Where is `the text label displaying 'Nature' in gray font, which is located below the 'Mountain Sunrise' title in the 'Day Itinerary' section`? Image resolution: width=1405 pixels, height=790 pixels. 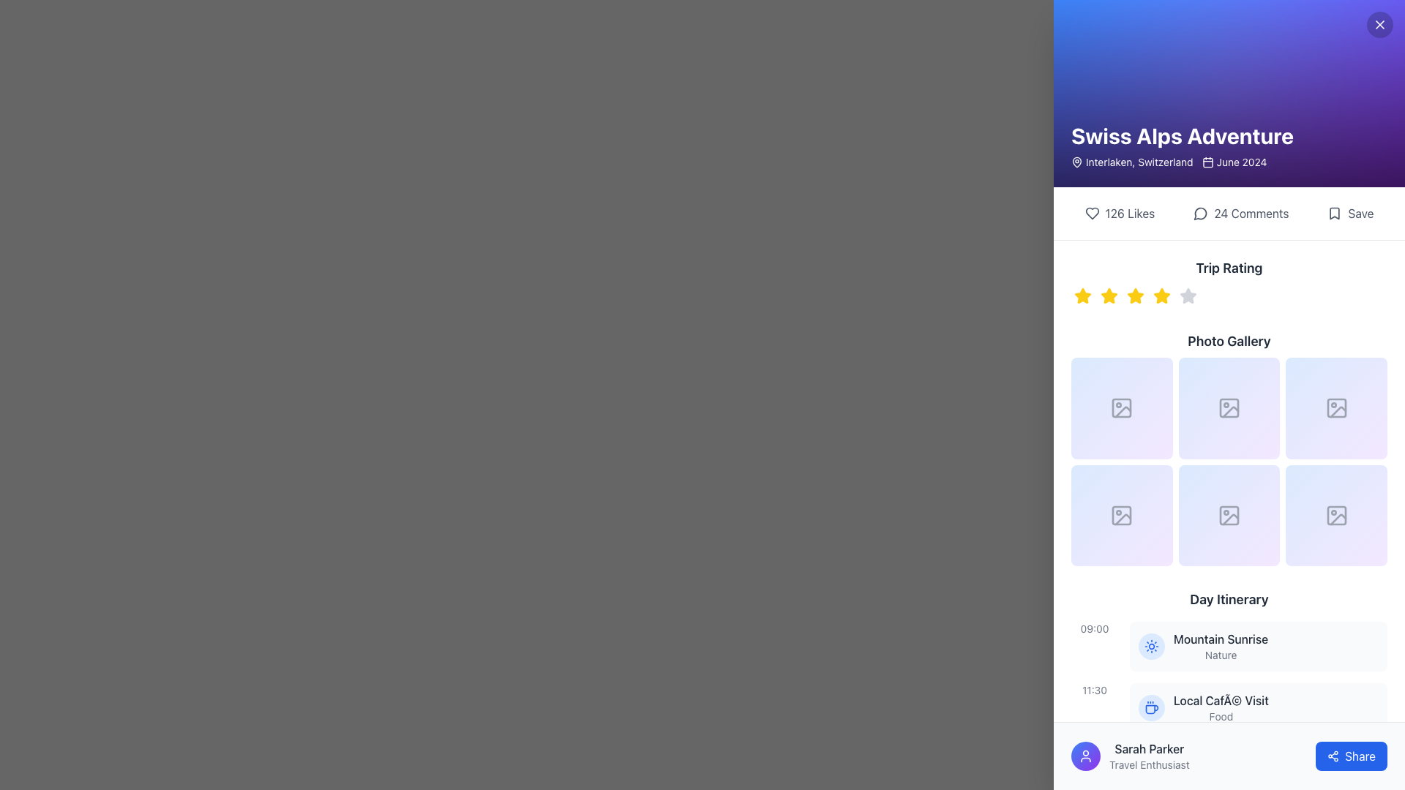
the text label displaying 'Nature' in gray font, which is located below the 'Mountain Sunrise' title in the 'Day Itinerary' section is located at coordinates (1221, 655).